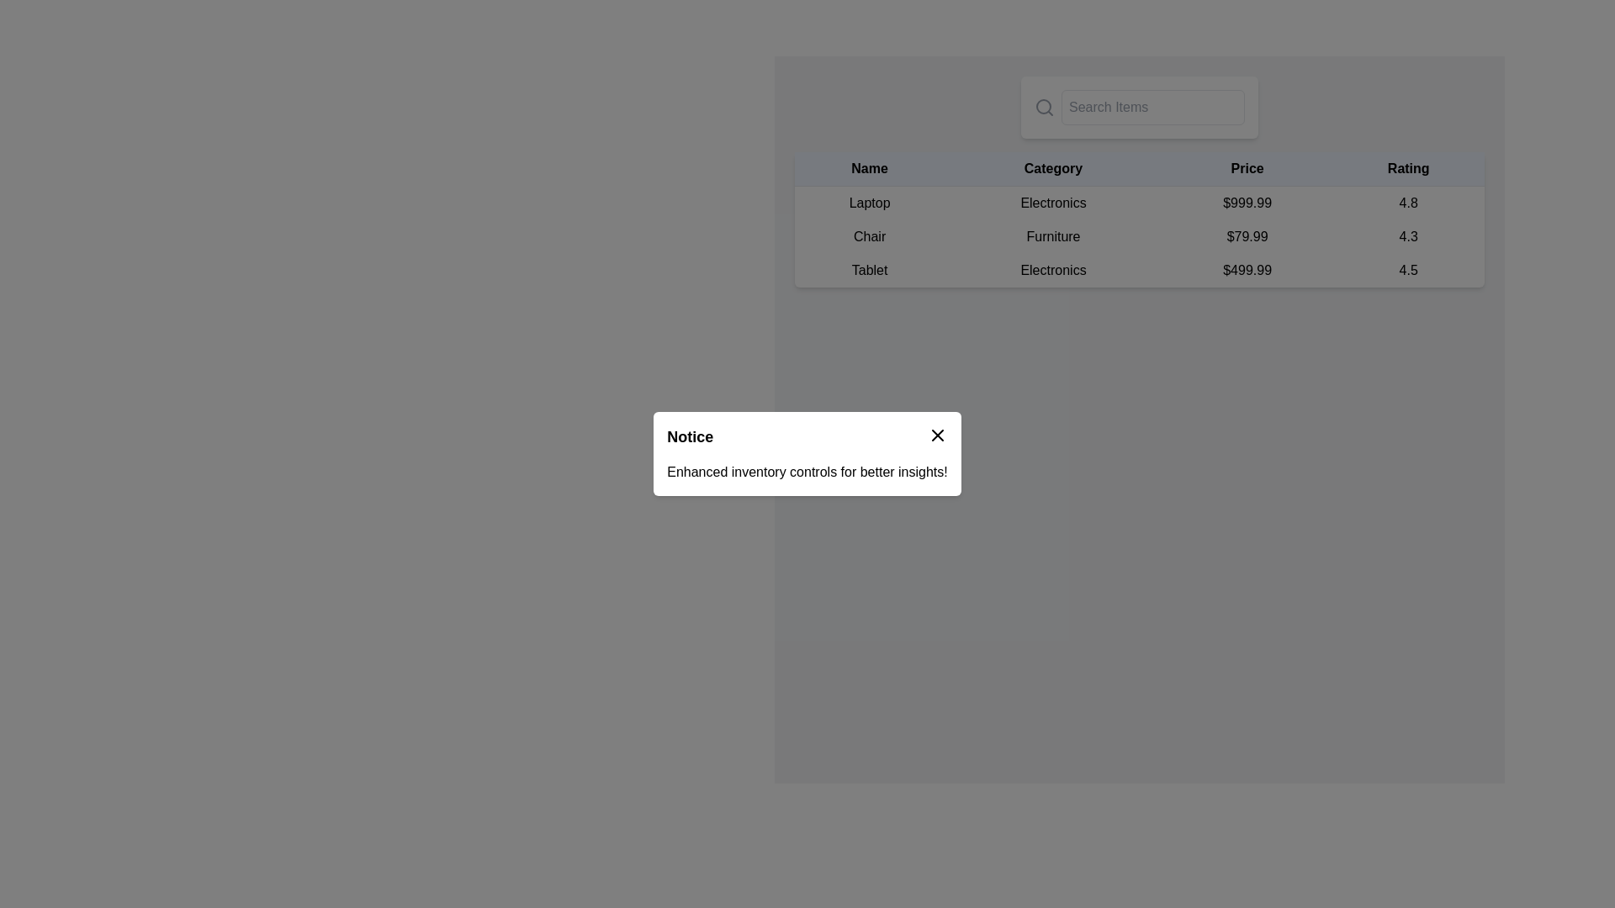  I want to click on the decorative circle element within the SVG graphic that represents the inner circle of the magnifying glass icon located at the top-right corner of the interface, so click(1043, 107).